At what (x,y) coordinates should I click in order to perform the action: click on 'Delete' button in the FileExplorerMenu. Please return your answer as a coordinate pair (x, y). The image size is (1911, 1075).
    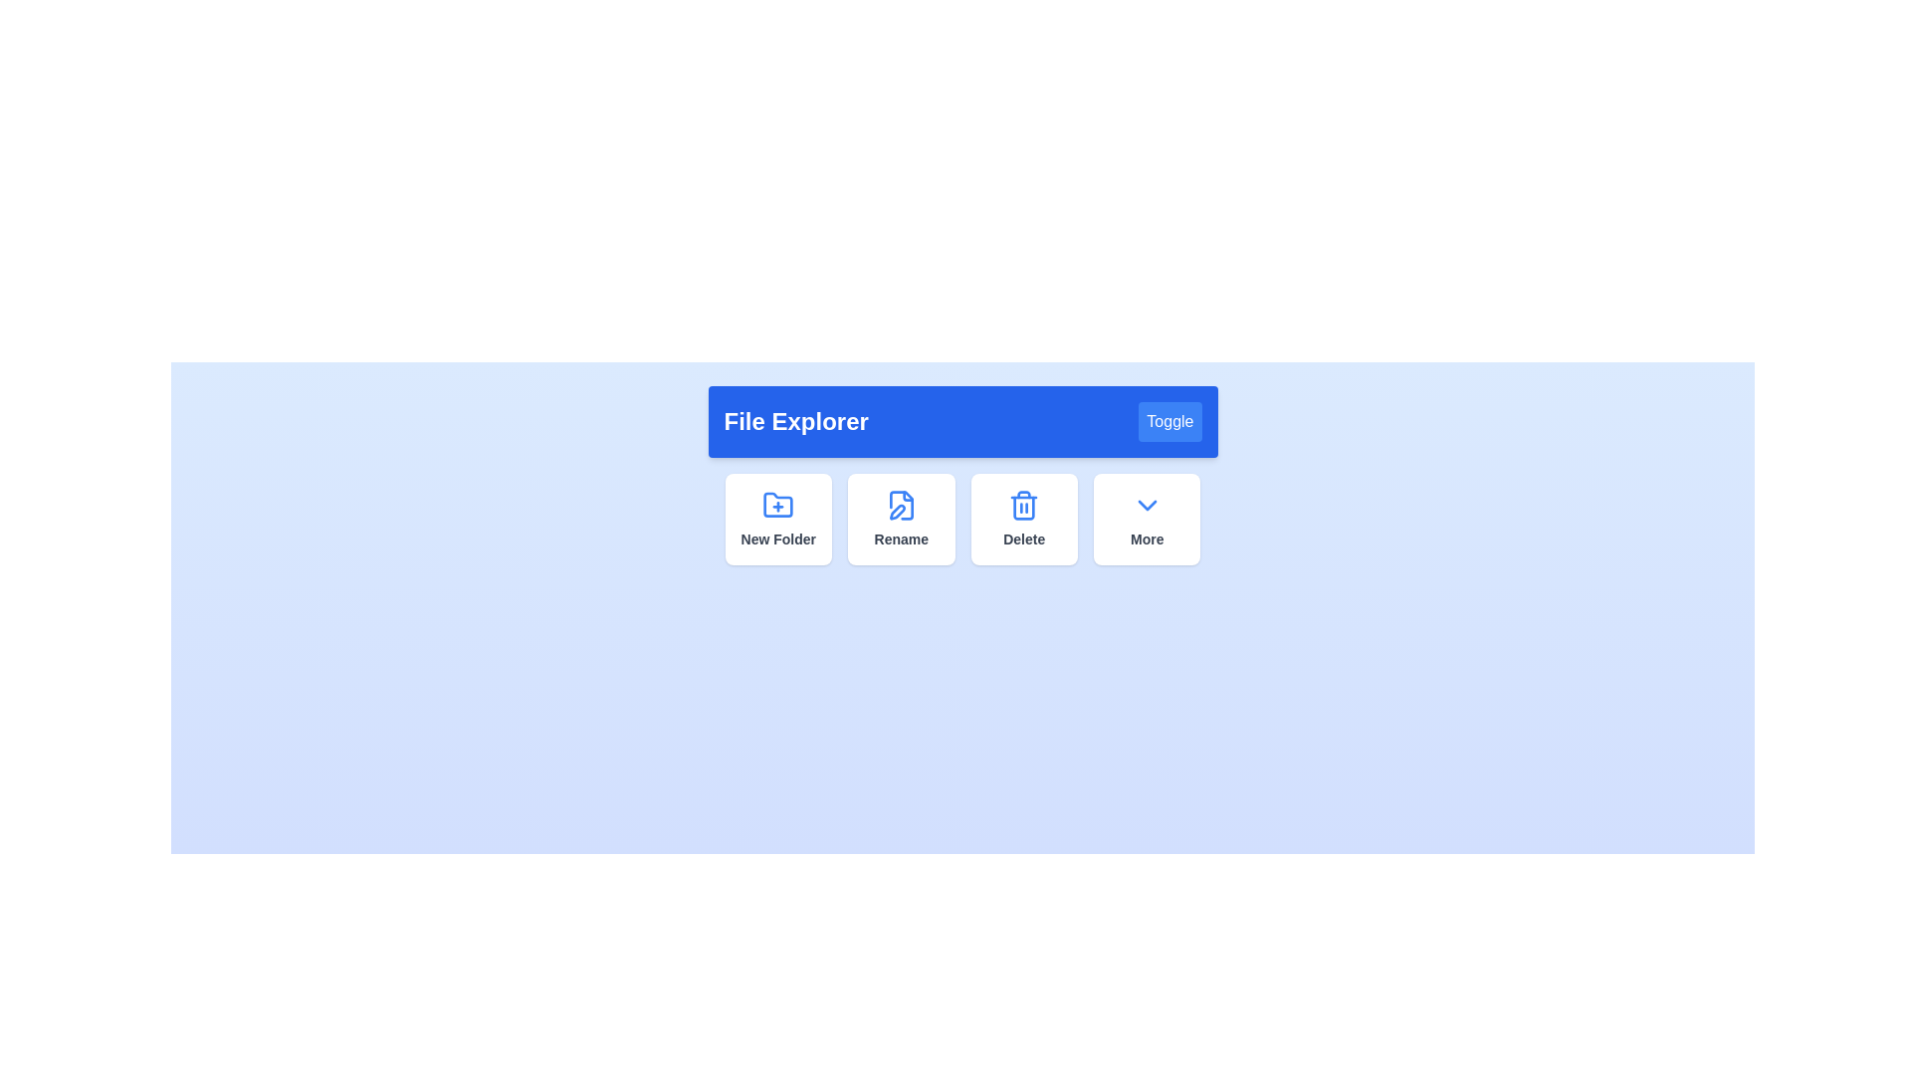
    Looking at the image, I should click on (1023, 518).